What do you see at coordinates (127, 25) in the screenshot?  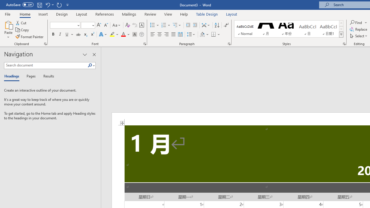 I see `'Clear Formatting'` at bounding box center [127, 25].